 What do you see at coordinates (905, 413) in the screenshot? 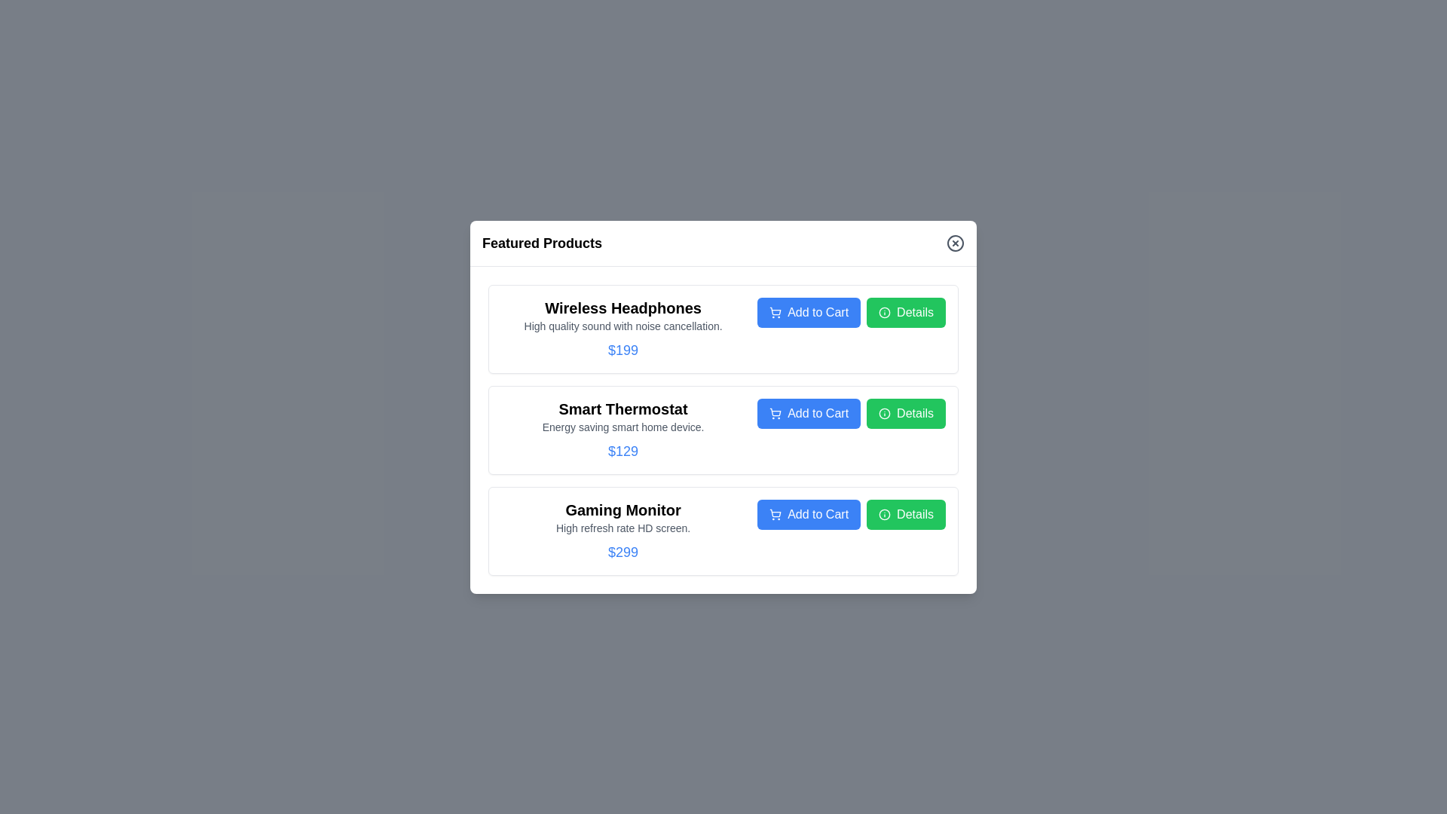
I see `'Details' button for the product Smart Thermostat` at bounding box center [905, 413].